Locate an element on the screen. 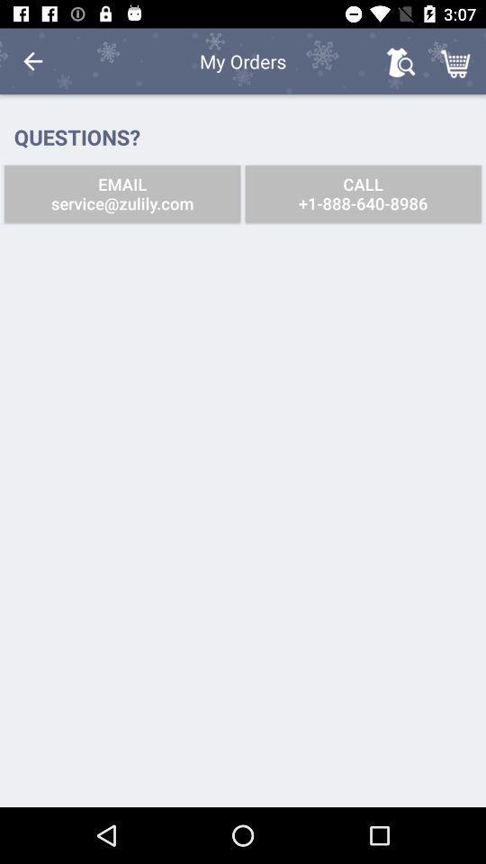  the item next to the my orders icon is located at coordinates (32, 61).